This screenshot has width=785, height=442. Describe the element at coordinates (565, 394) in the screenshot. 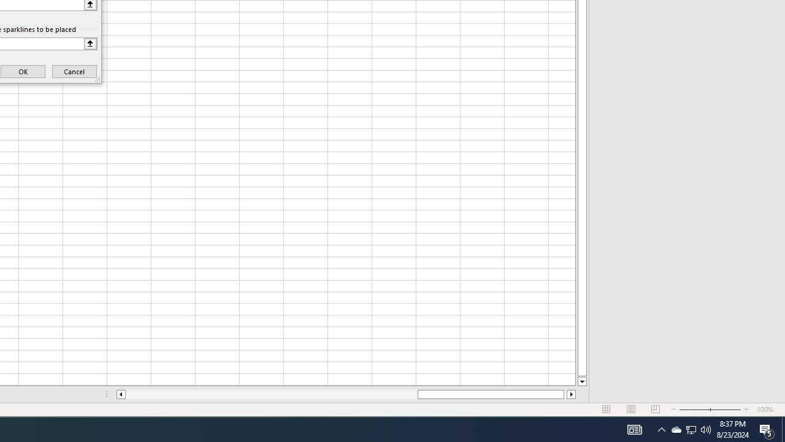

I see `'Page right'` at that location.